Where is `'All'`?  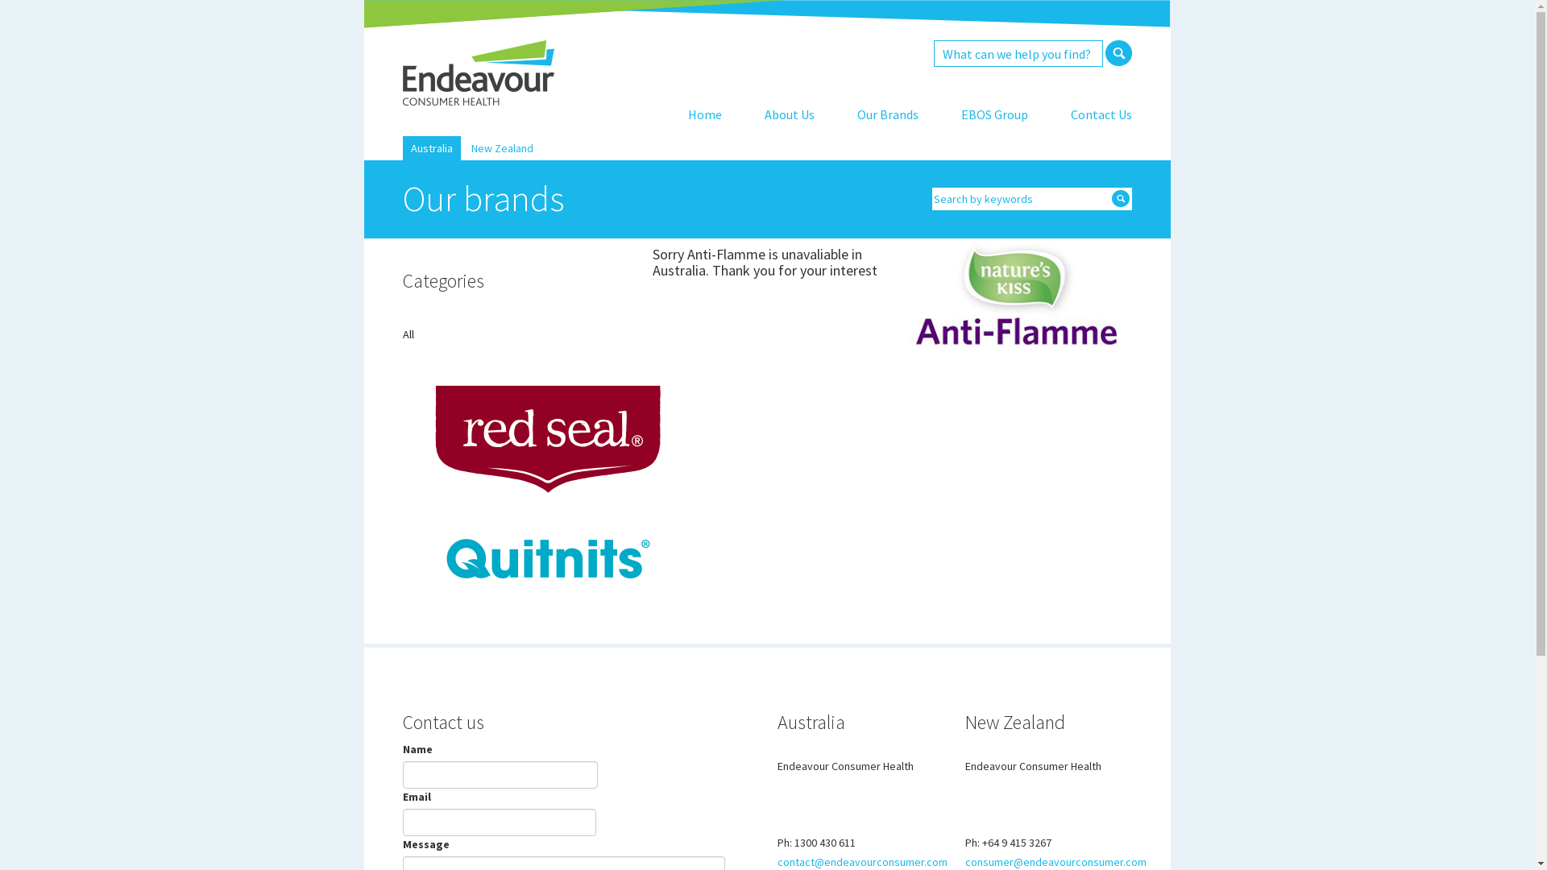
'All' is located at coordinates (402, 333).